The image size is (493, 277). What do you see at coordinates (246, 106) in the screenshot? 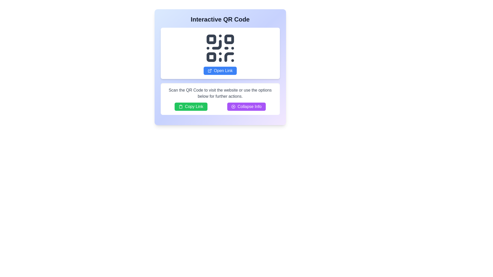
I see `the rectangular button with a vibrant purple background and white text that reads 'Collapse Info'` at bounding box center [246, 106].